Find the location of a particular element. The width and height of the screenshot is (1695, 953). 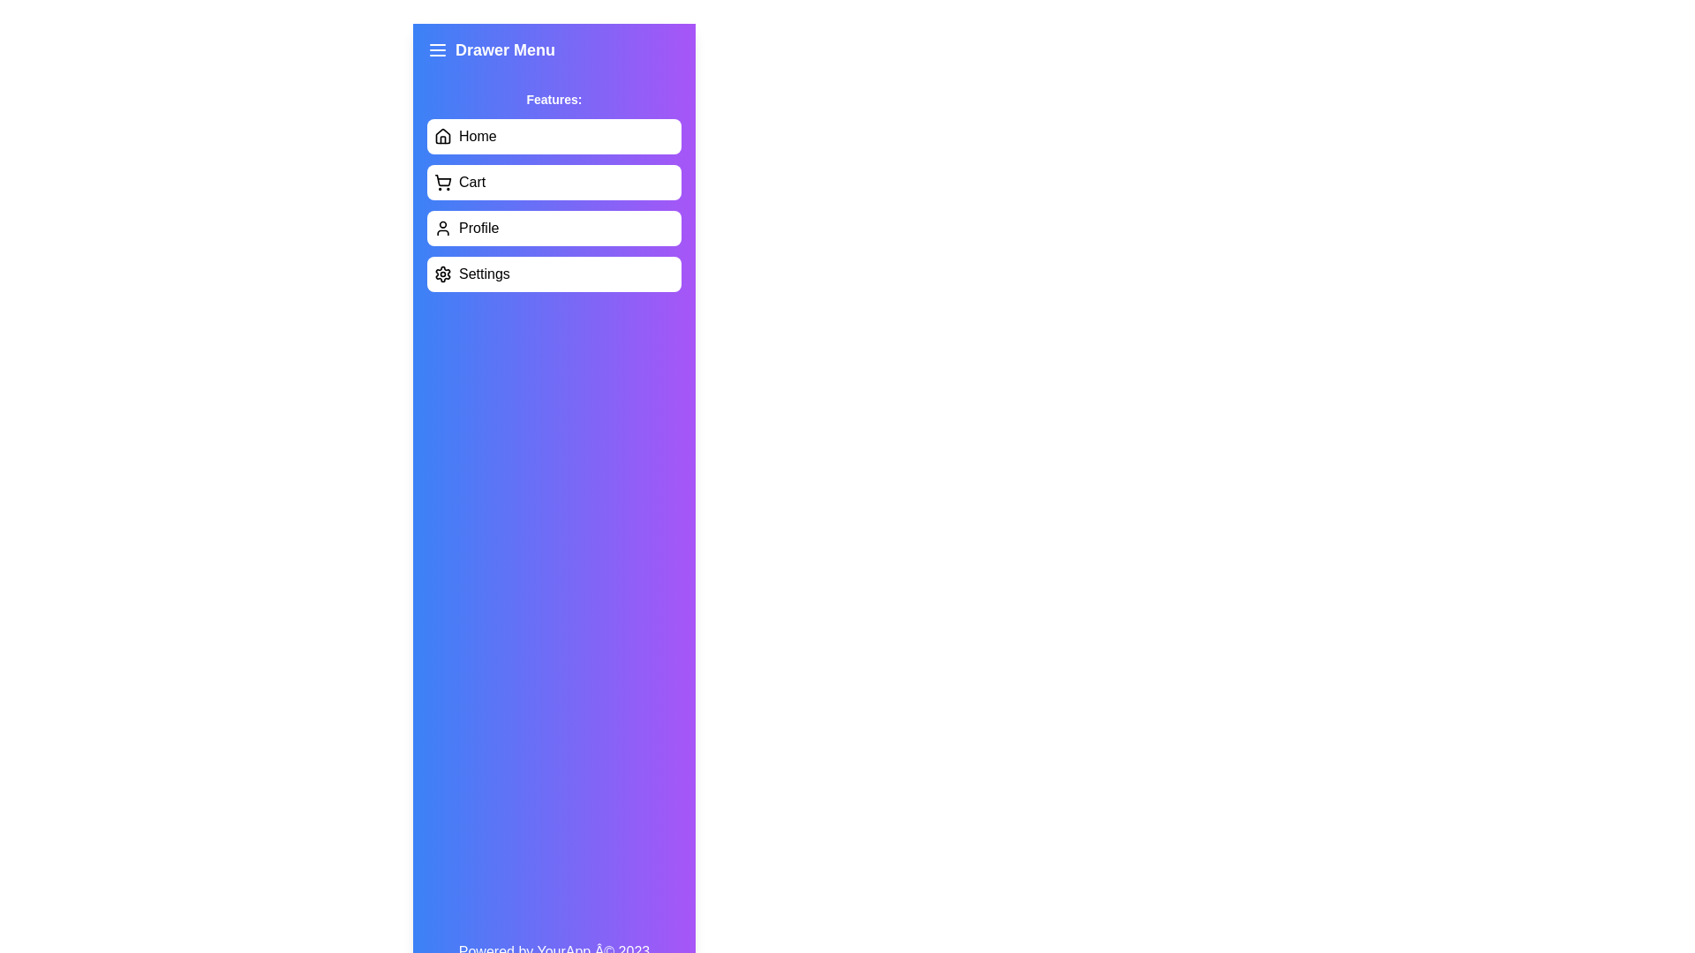

the user icon with a circular head and shoulder arc, located in the 'Profile' group, to the left of the text 'Profile' is located at coordinates (443, 227).